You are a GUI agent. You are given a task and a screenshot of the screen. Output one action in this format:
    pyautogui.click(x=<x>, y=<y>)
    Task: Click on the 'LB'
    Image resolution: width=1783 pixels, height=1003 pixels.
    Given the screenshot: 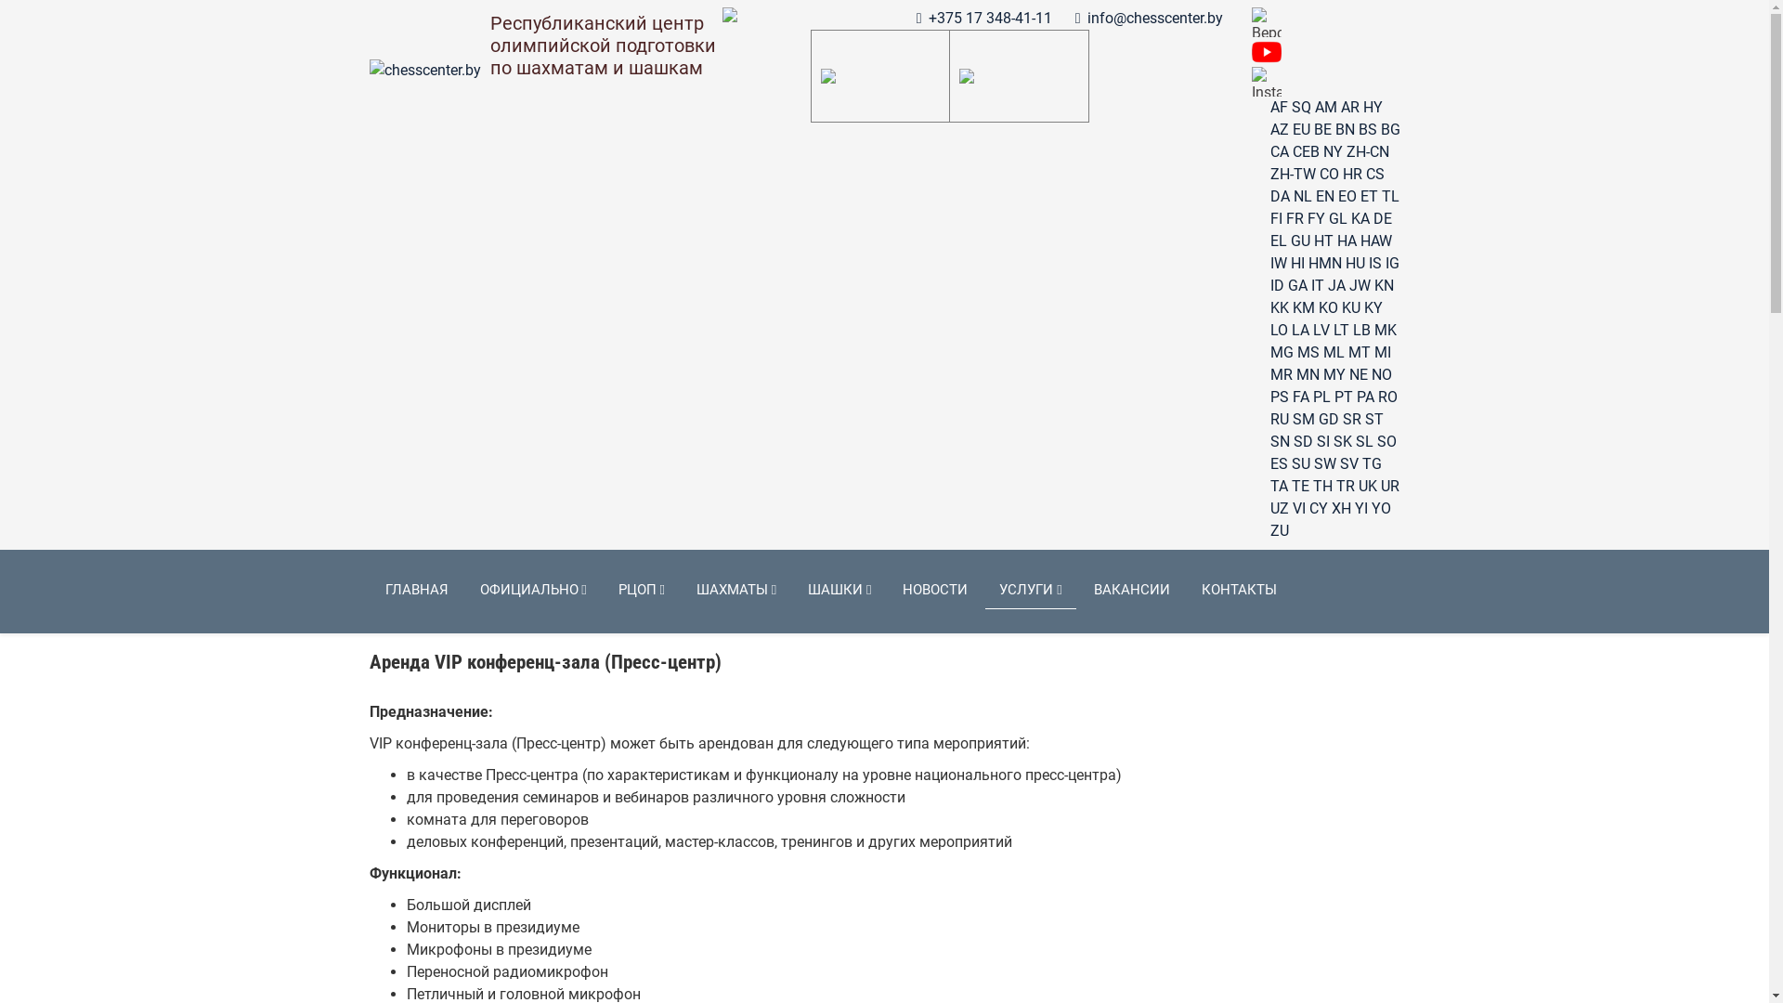 What is the action you would take?
    pyautogui.click(x=1360, y=329)
    